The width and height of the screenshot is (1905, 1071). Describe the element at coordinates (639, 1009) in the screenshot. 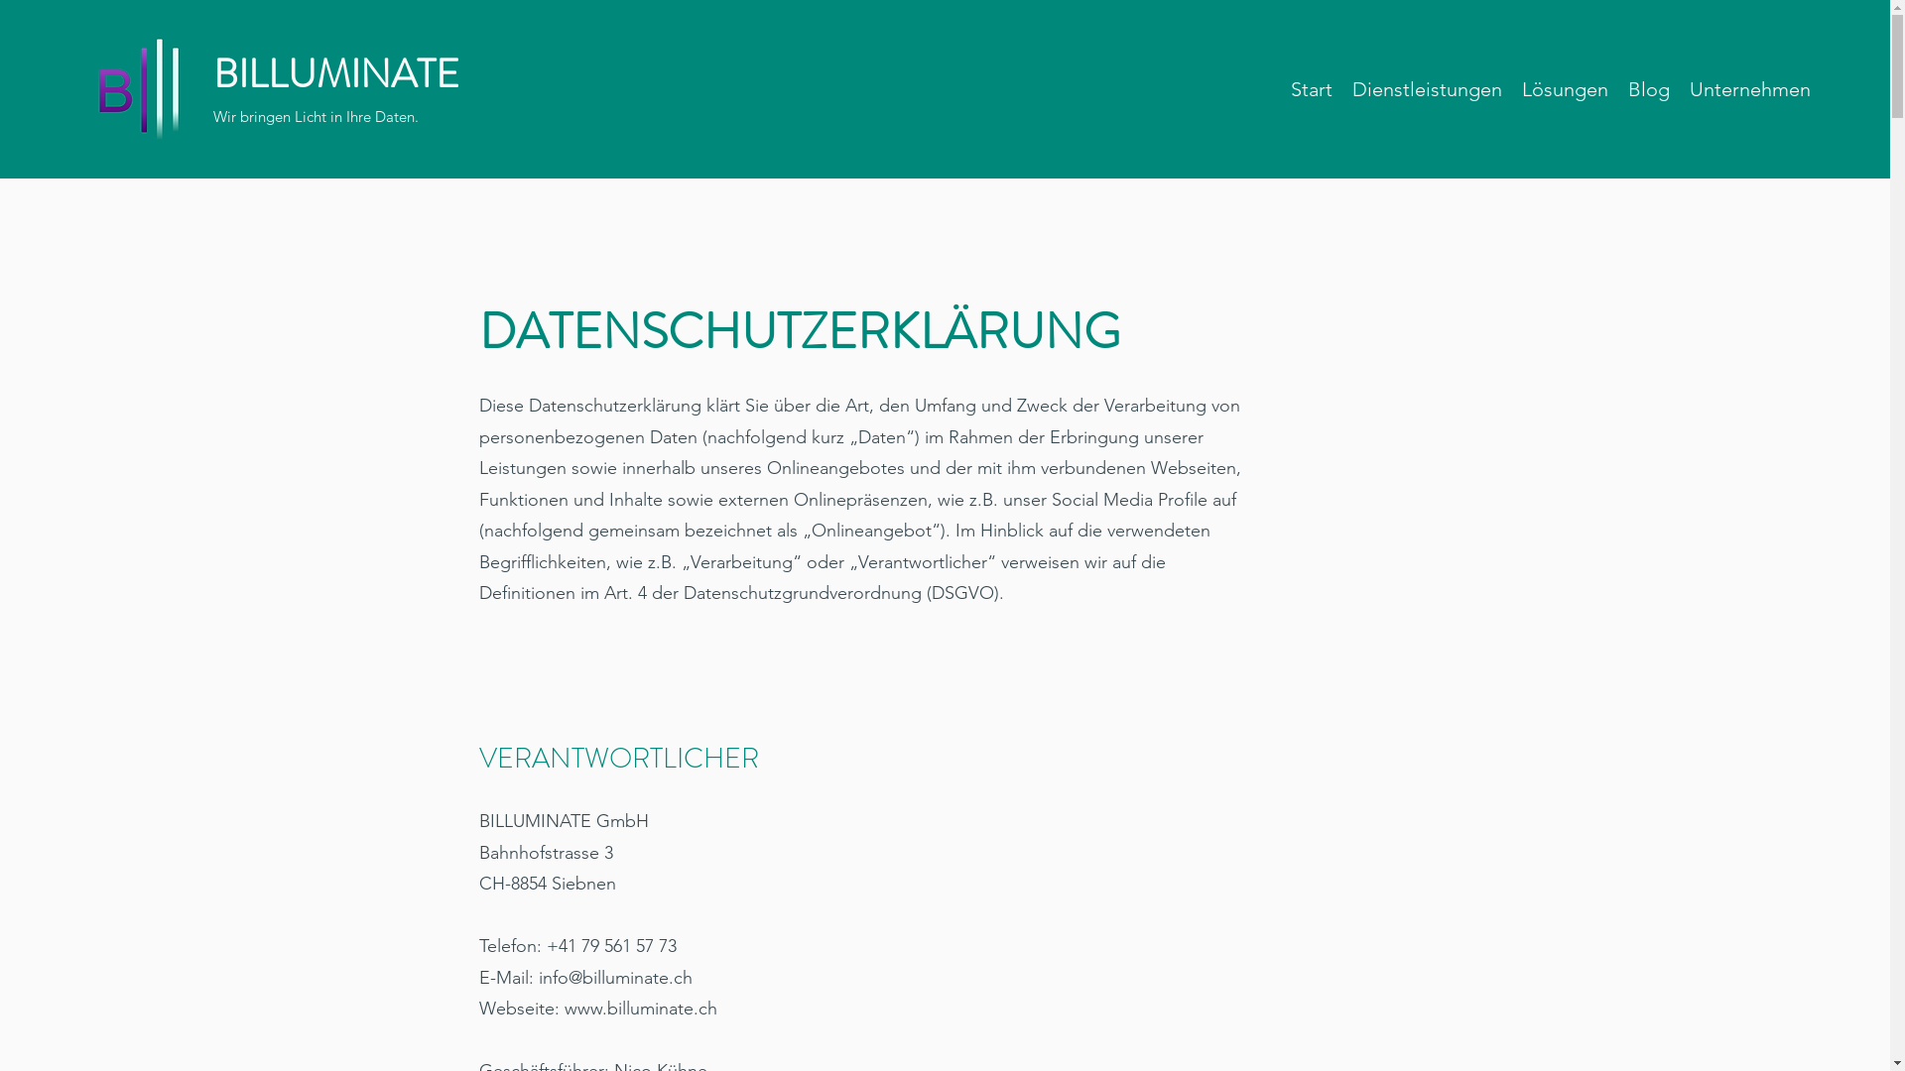

I see `'www.billuminate.ch'` at that location.